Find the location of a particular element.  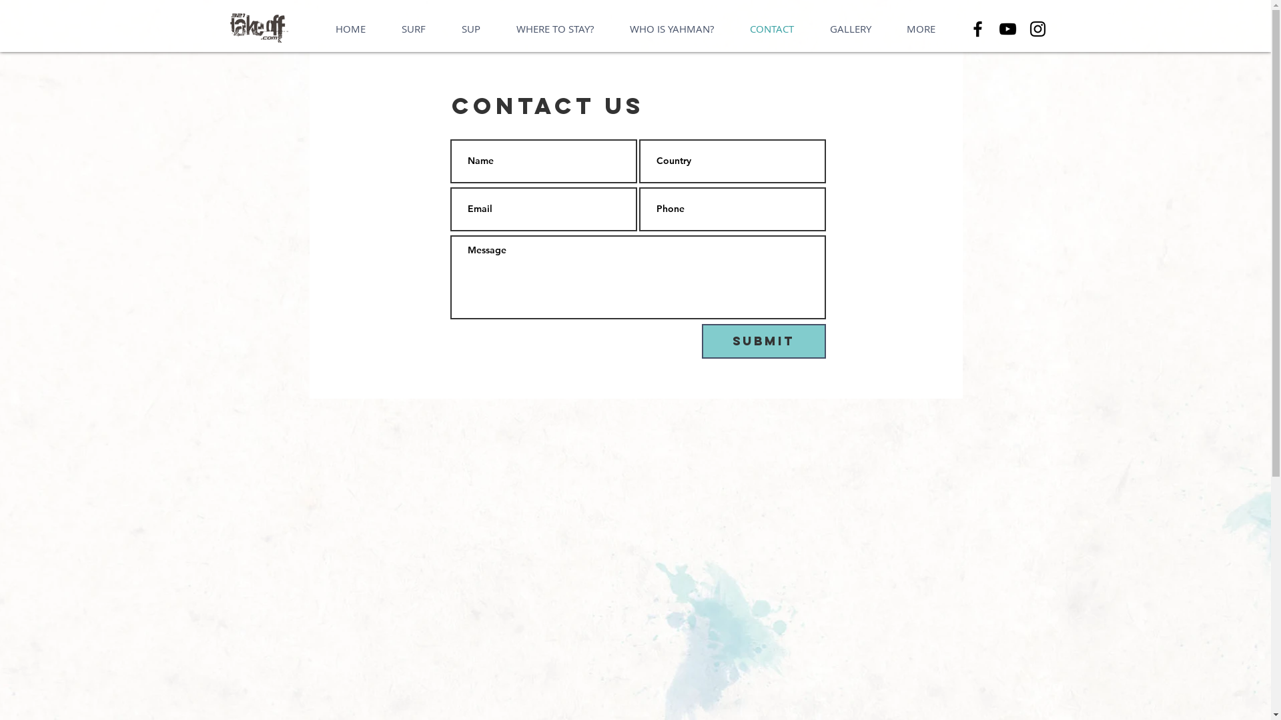

'WHO IS YAHMAN?' is located at coordinates (610, 29).